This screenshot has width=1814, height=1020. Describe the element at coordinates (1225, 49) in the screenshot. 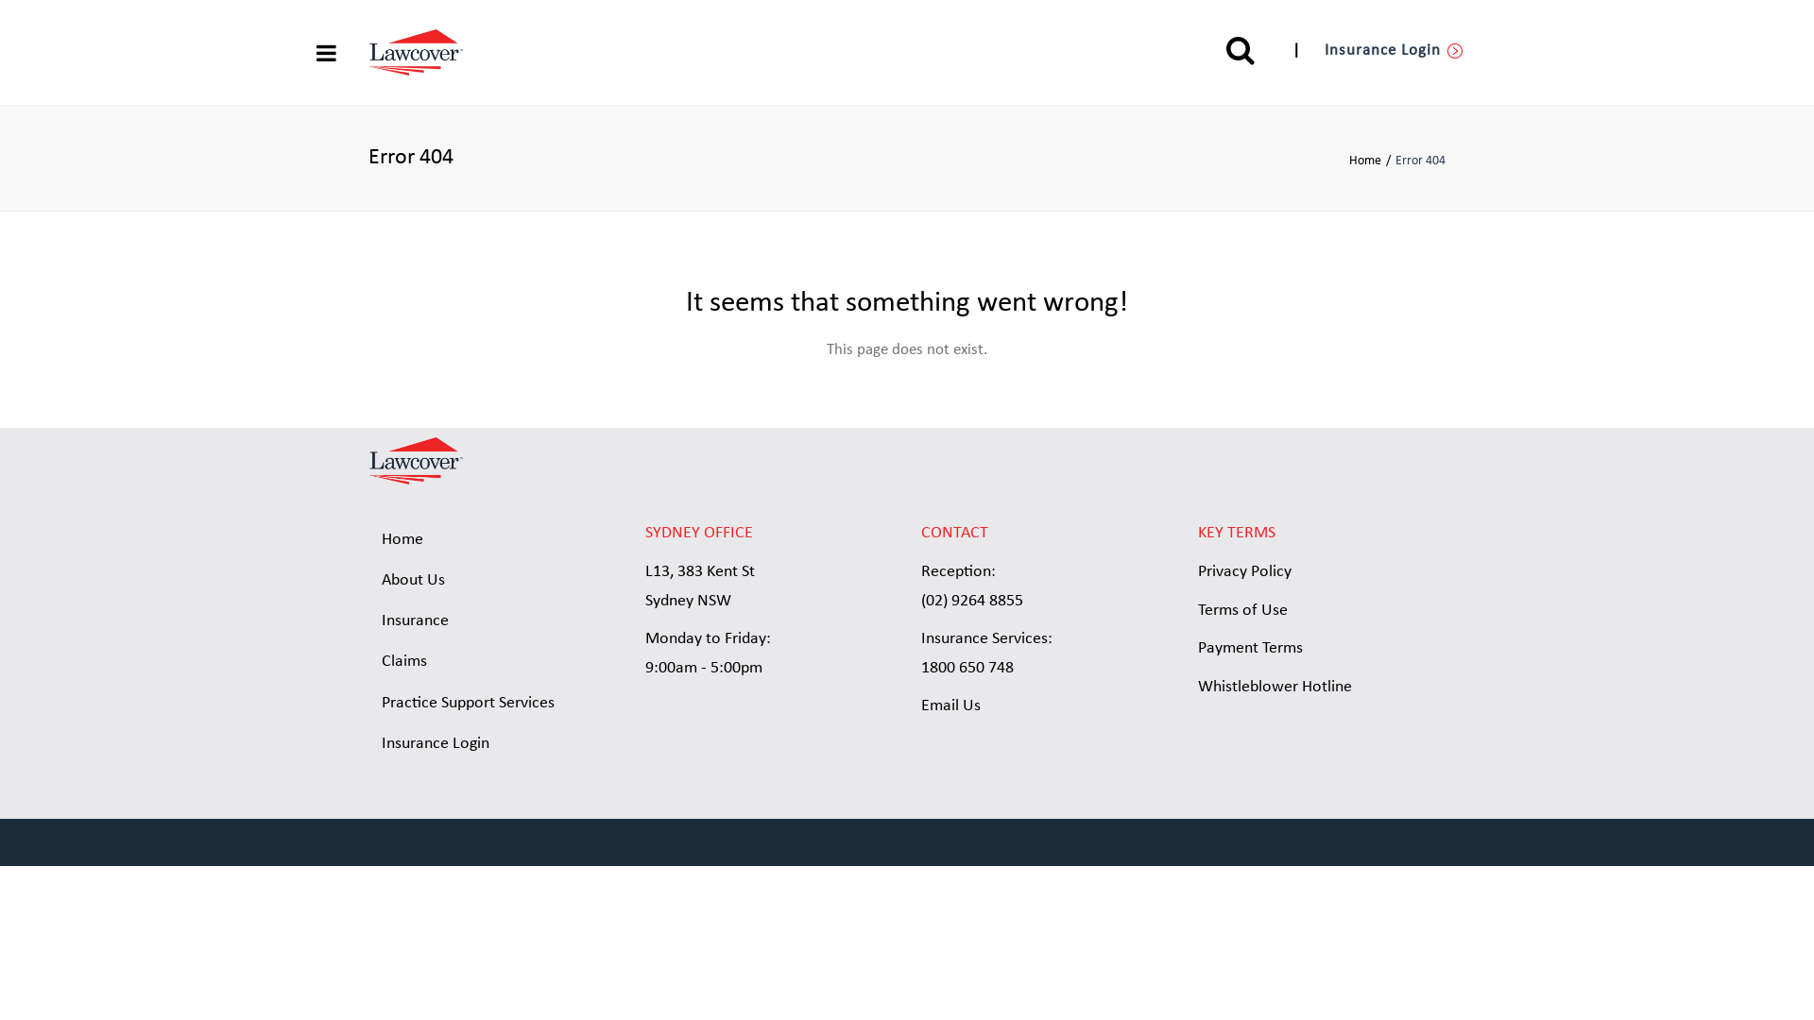

I see `'Search'` at that location.